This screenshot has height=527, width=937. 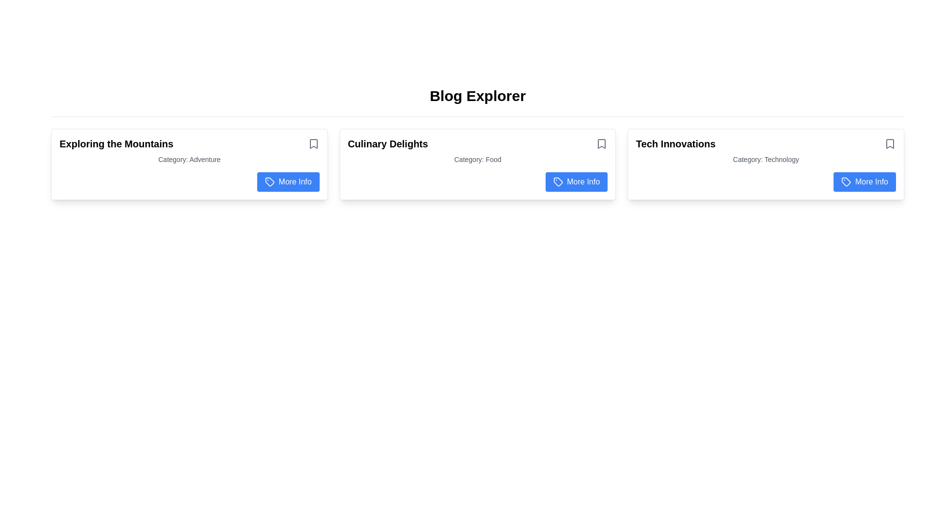 What do you see at coordinates (313, 143) in the screenshot?
I see `the bookmark icon located in the 'Exploring the Mountains' card` at bounding box center [313, 143].